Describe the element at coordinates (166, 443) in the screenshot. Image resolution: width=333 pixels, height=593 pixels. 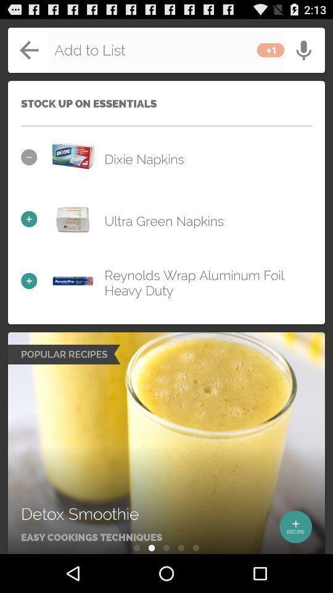
I see `image of smoothie and link to recipe` at that location.